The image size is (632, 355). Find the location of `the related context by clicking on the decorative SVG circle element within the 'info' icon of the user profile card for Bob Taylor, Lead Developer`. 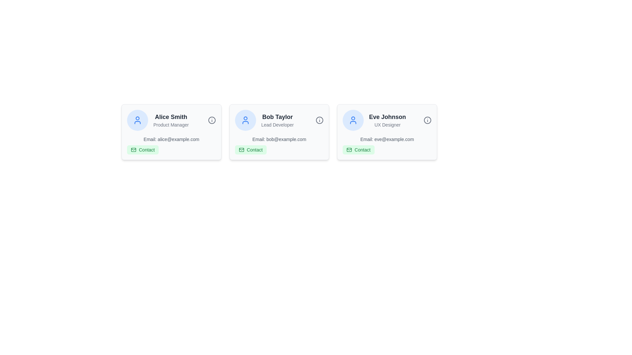

the related context by clicking on the decorative SVG circle element within the 'info' icon of the user profile card for Bob Taylor, Lead Developer is located at coordinates (212, 120).